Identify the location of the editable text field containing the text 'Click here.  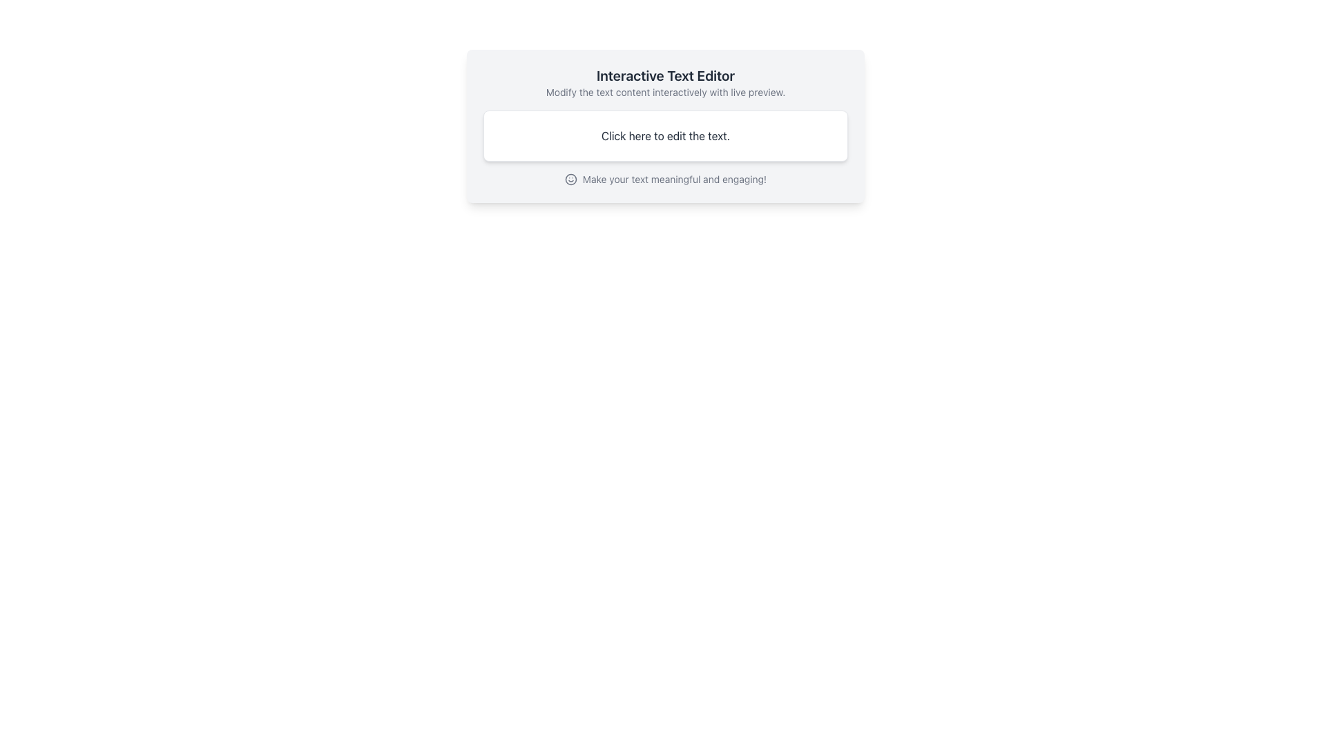
(666, 135).